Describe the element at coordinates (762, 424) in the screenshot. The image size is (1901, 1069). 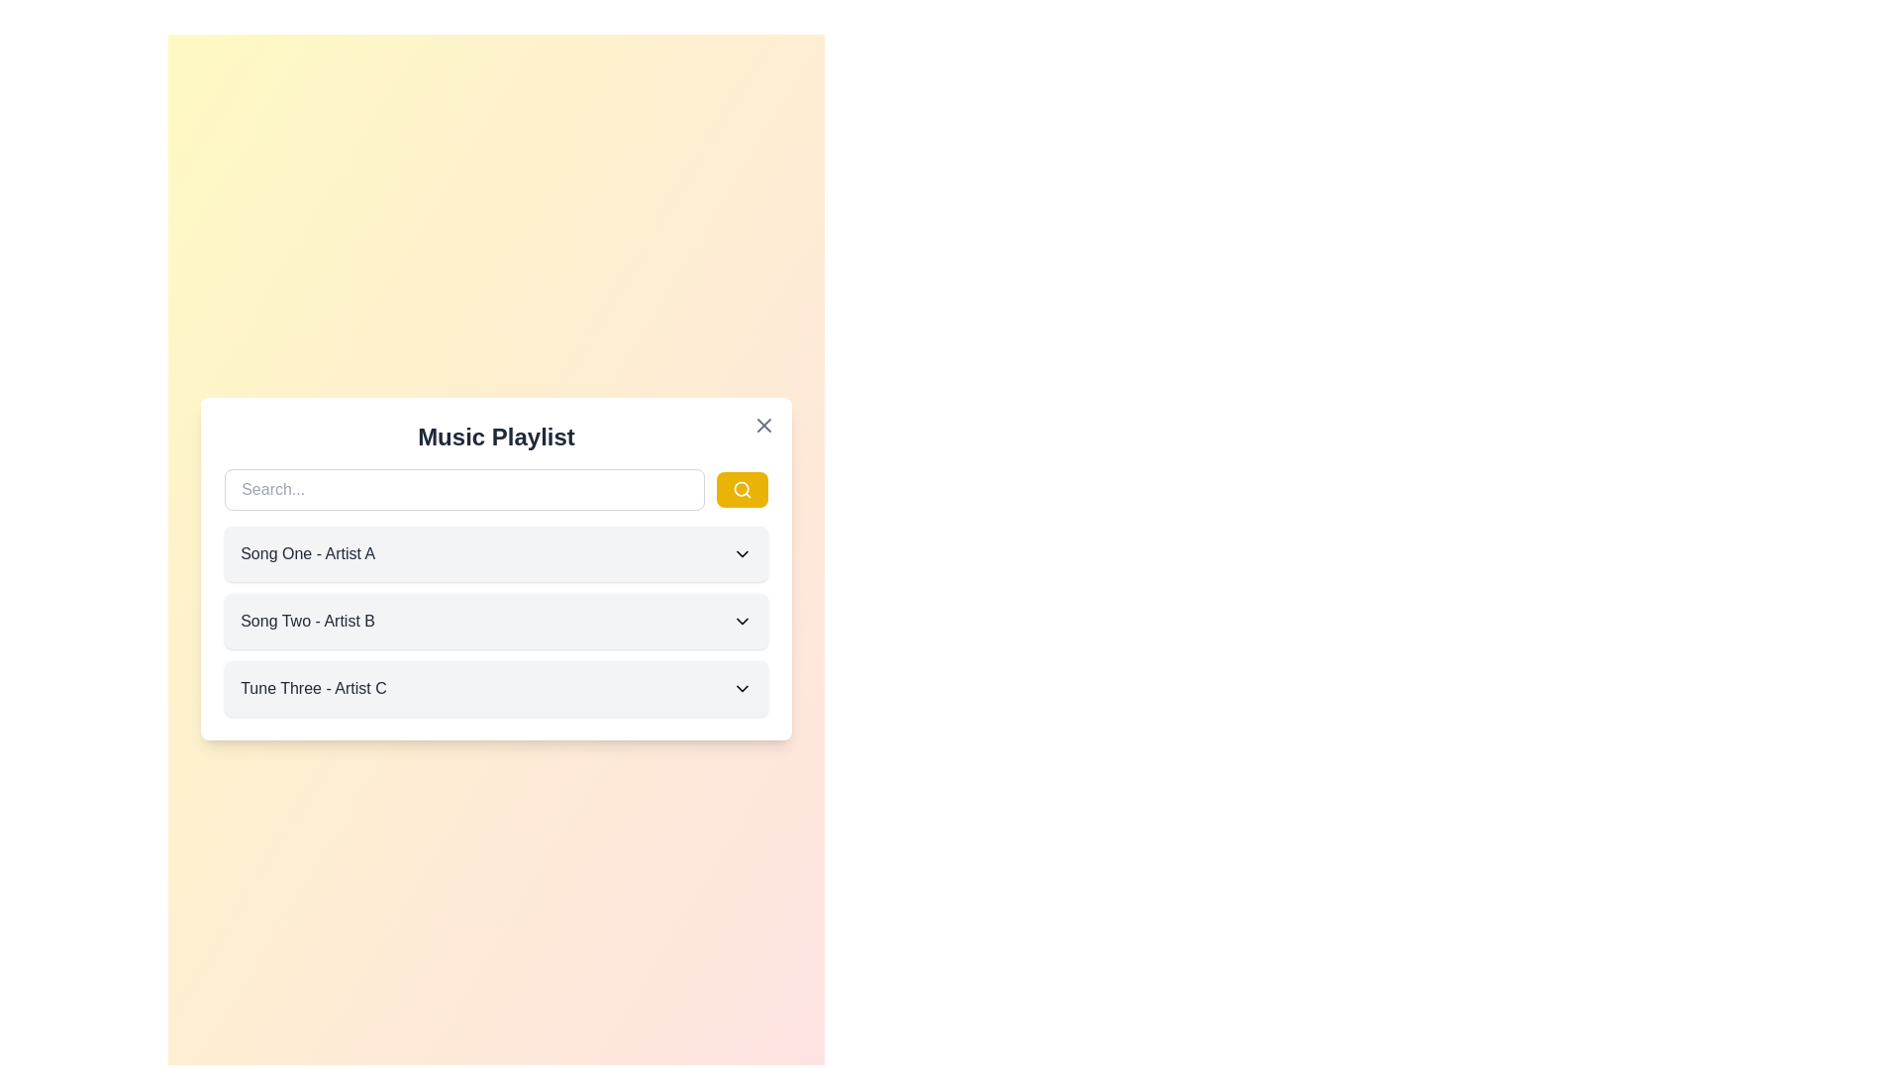
I see `the 'X' close button located at the top-right corner of the music playlist card` at that location.